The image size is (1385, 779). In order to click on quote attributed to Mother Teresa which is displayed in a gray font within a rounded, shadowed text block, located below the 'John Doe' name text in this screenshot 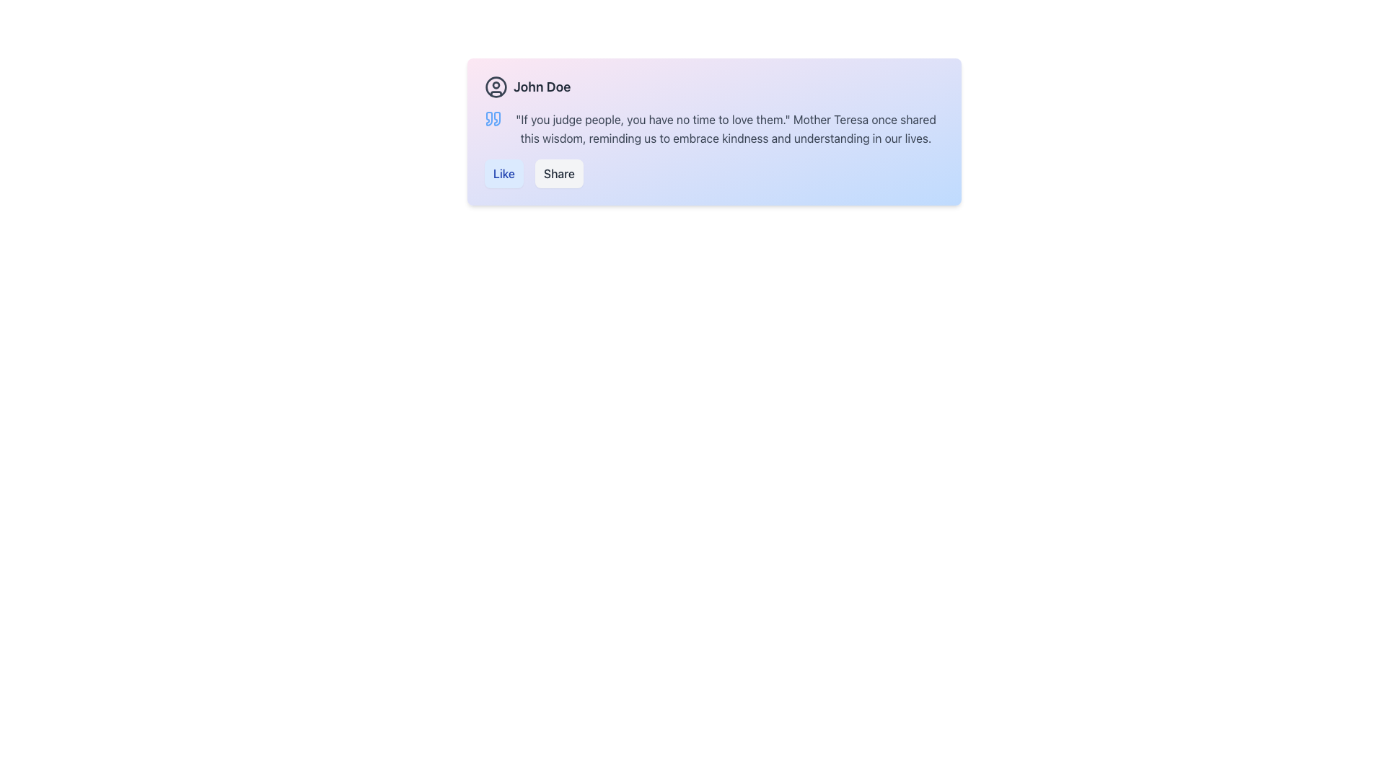, I will do `click(714, 128)`.